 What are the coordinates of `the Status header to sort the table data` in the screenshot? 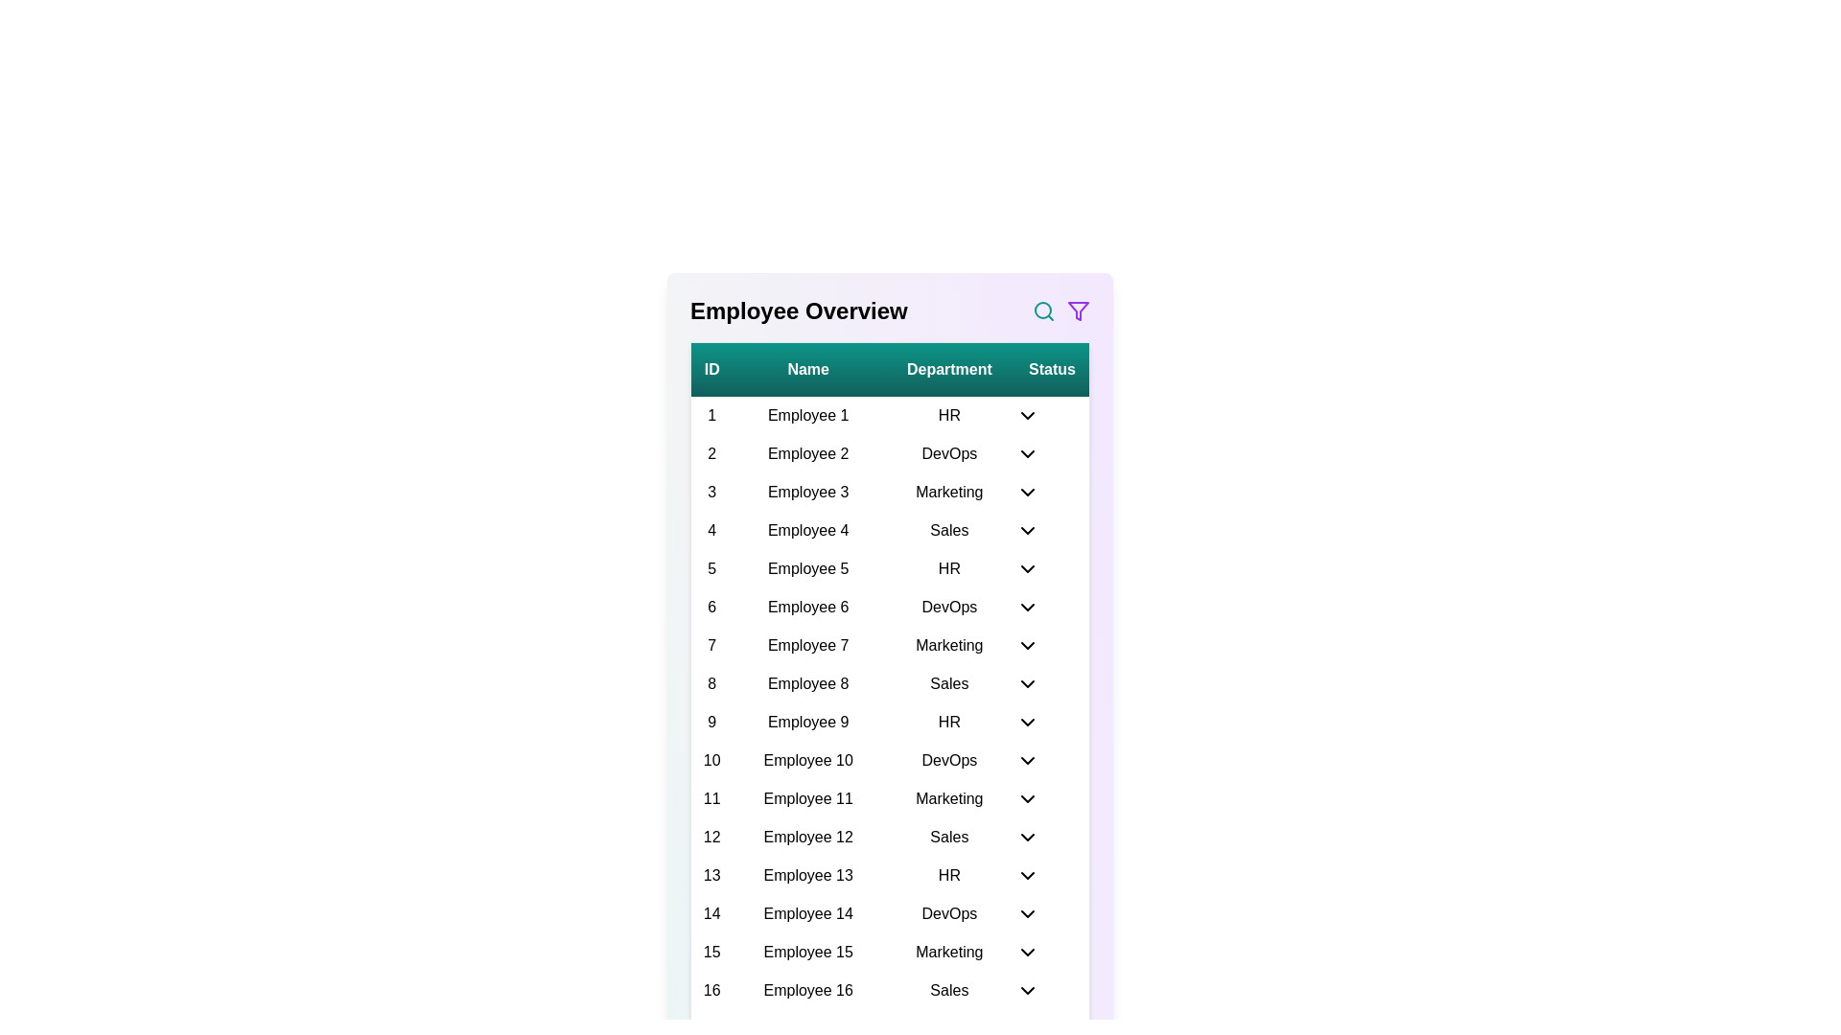 It's located at (1051, 369).